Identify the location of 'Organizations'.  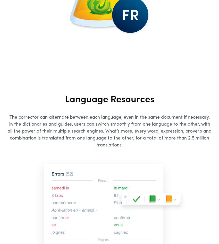
(7, 159).